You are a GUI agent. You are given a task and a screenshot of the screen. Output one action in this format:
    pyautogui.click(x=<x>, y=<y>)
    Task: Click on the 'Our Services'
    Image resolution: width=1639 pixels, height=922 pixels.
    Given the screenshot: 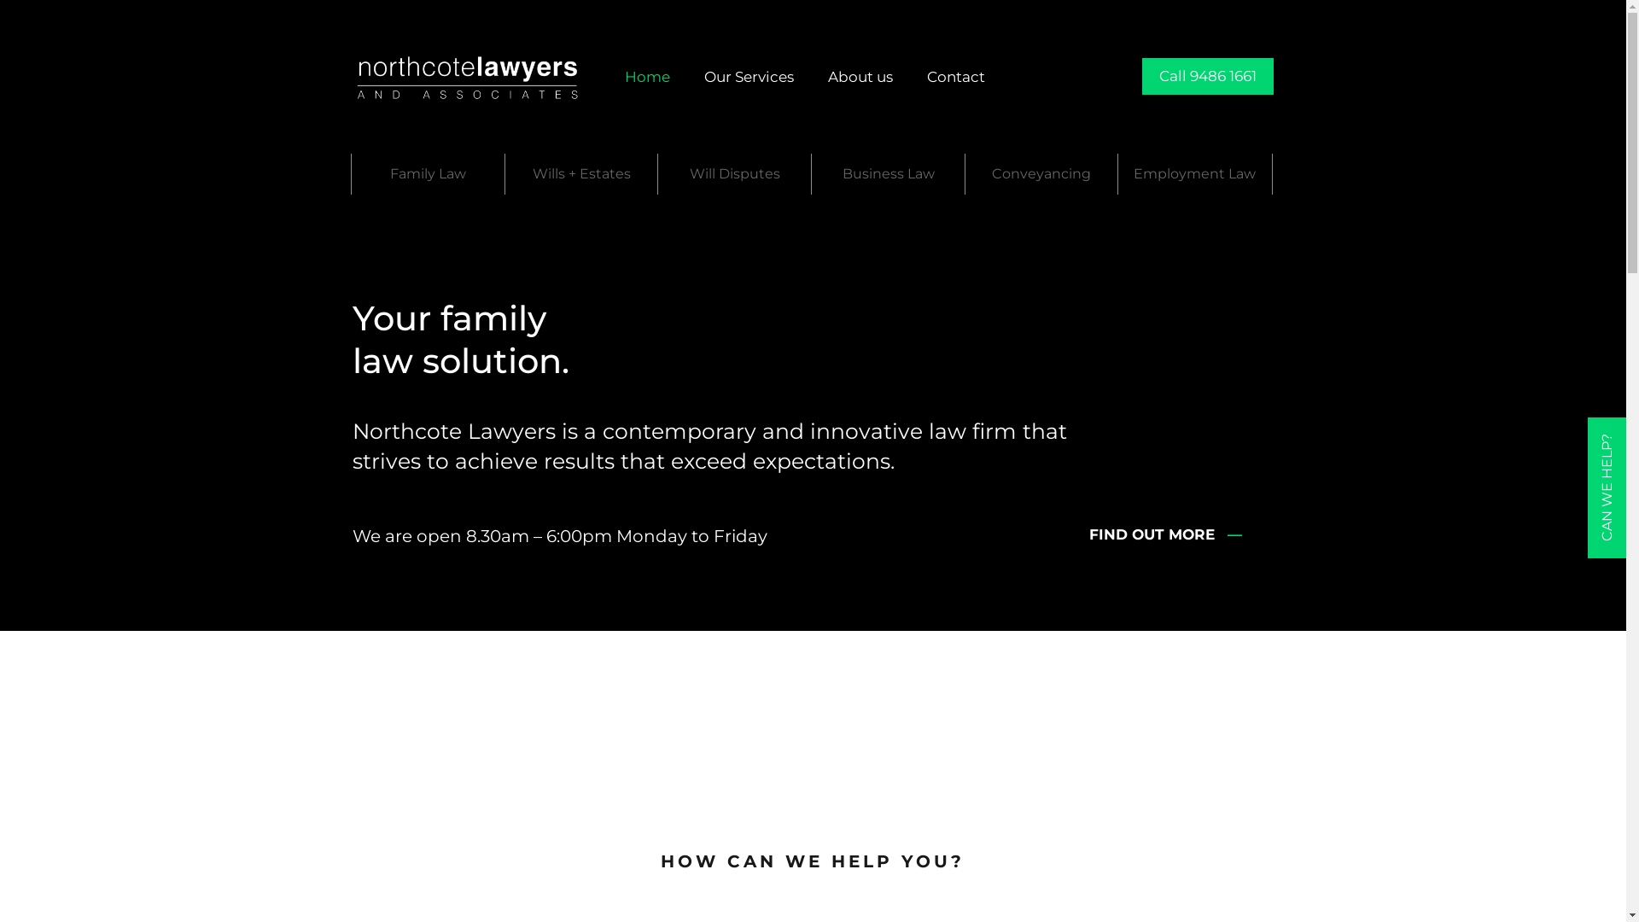 What is the action you would take?
    pyautogui.click(x=749, y=75)
    